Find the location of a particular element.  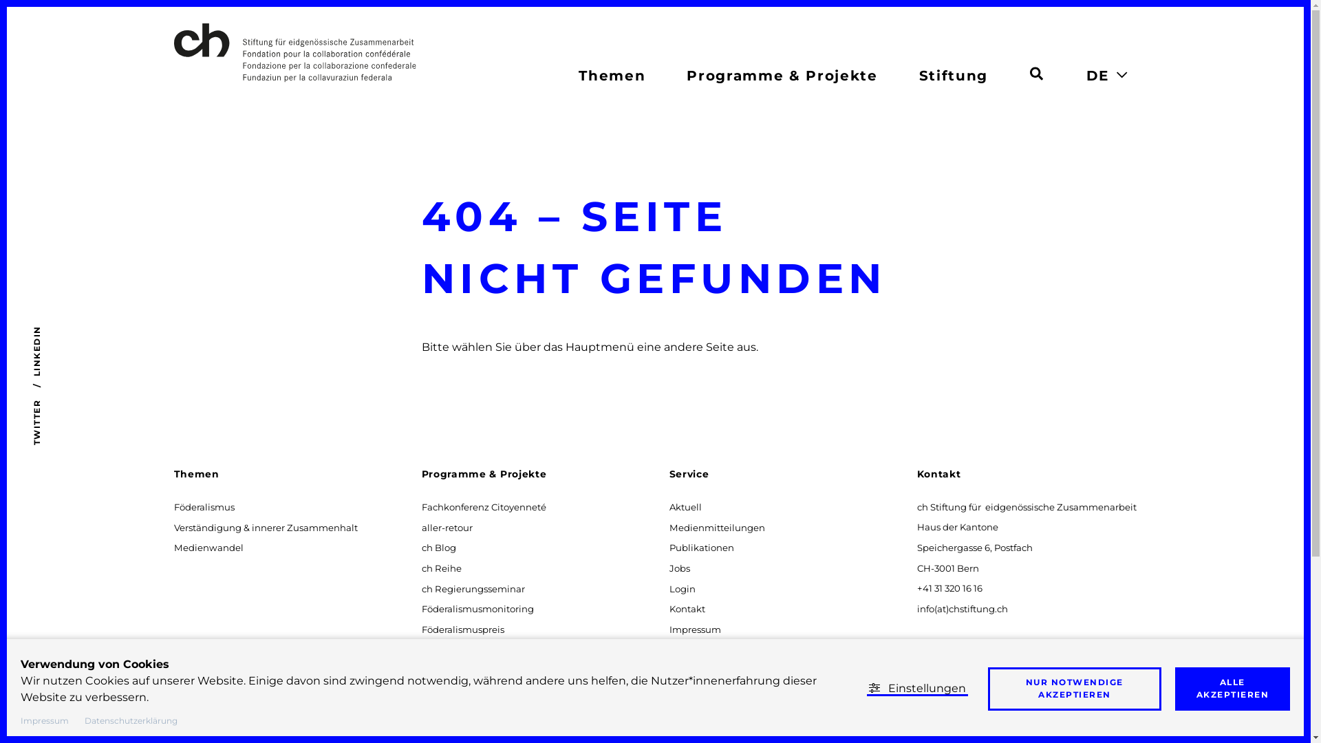

'Medienwandel' is located at coordinates (207, 546).